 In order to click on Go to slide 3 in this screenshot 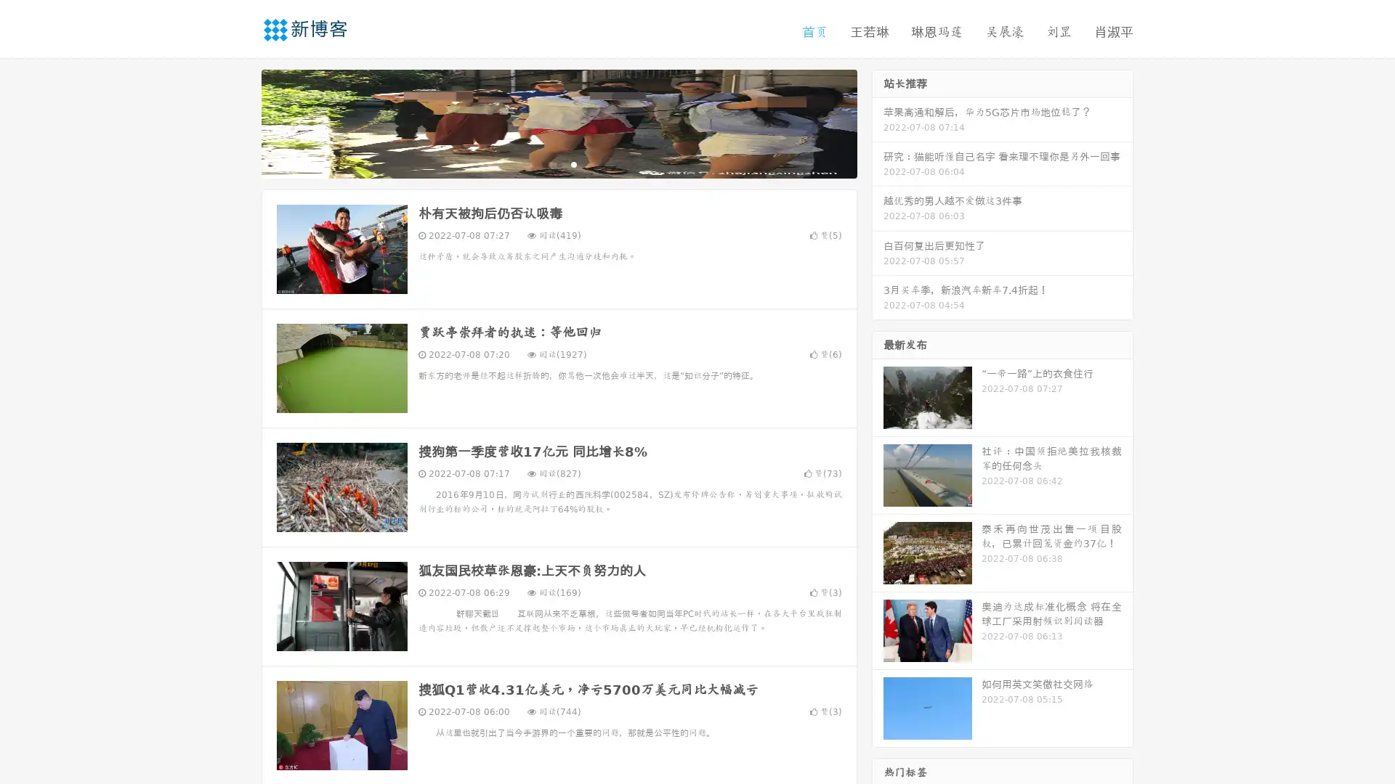, I will do `click(573, 163)`.